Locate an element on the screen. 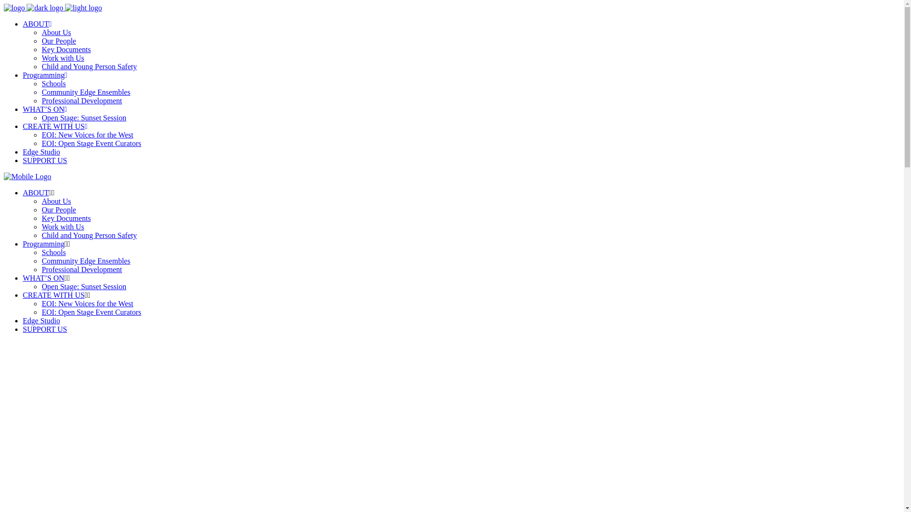 The height and width of the screenshot is (512, 911). 'SUPPORT US' is located at coordinates (44, 329).